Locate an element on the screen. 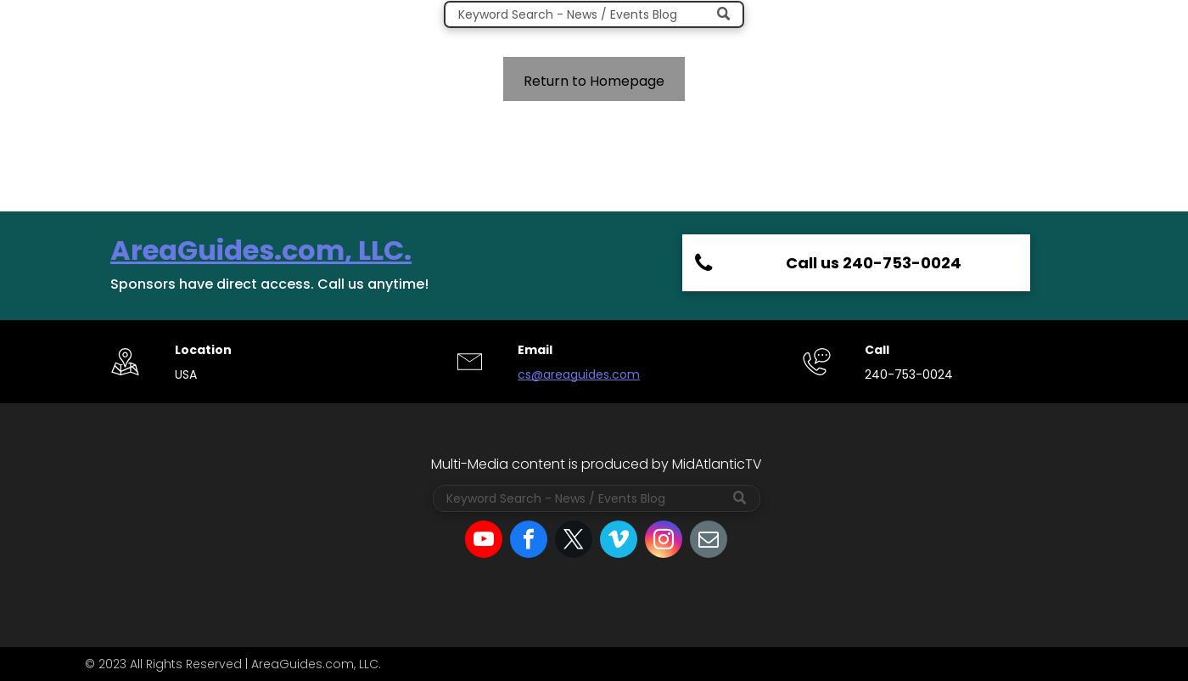  'Call us 240-753-0024' is located at coordinates (872, 262).